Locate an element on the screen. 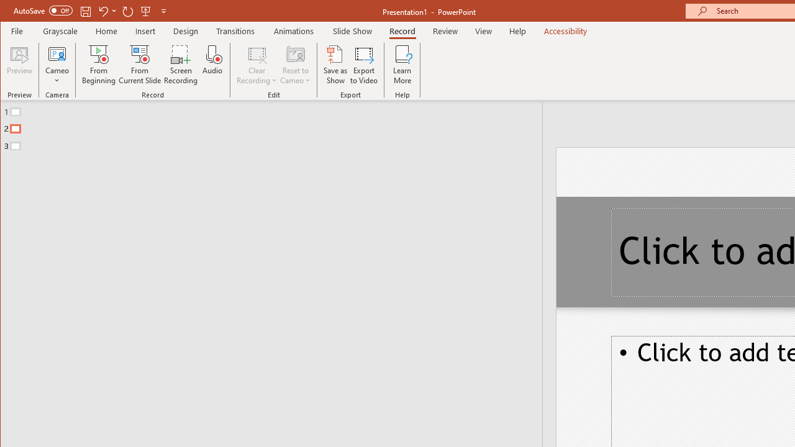 This screenshot has width=795, height=447. 'Export to Video' is located at coordinates (363, 65).